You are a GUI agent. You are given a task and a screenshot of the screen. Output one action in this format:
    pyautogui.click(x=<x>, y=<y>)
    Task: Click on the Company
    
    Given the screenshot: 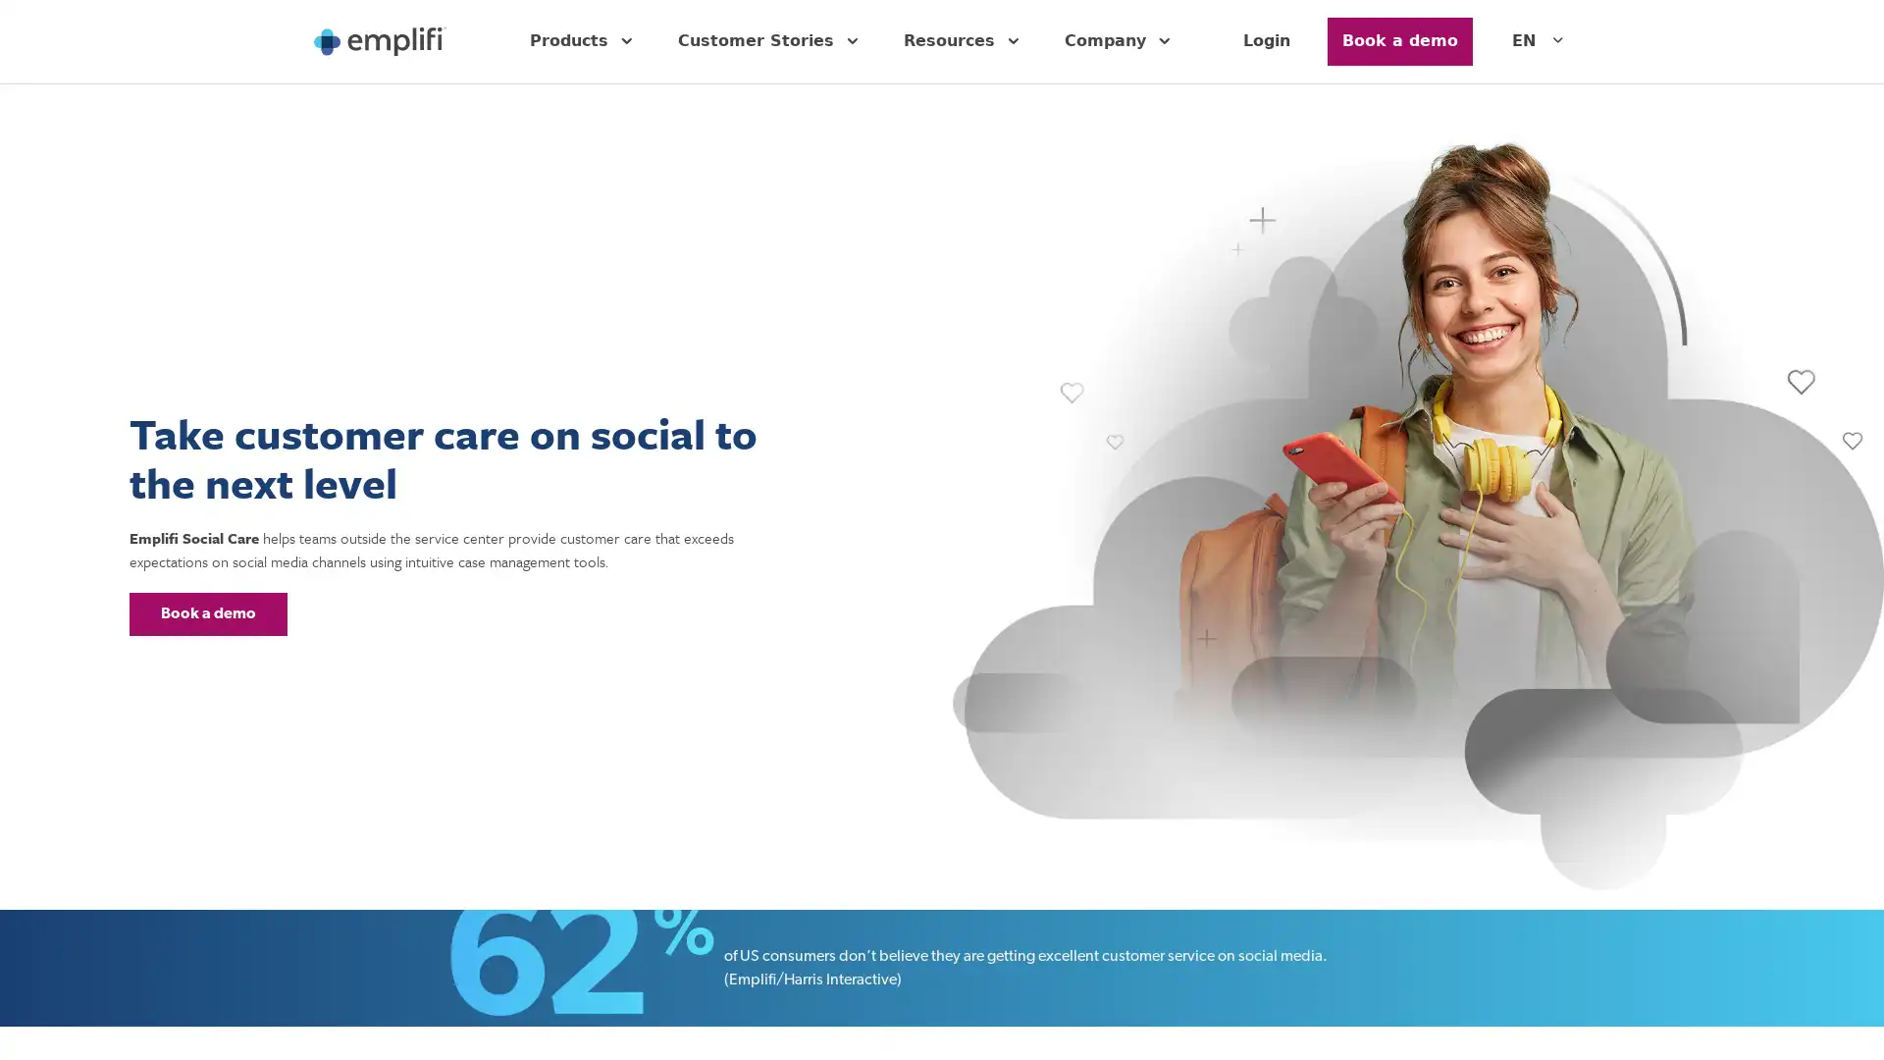 What is the action you would take?
    pyautogui.click(x=1121, y=41)
    